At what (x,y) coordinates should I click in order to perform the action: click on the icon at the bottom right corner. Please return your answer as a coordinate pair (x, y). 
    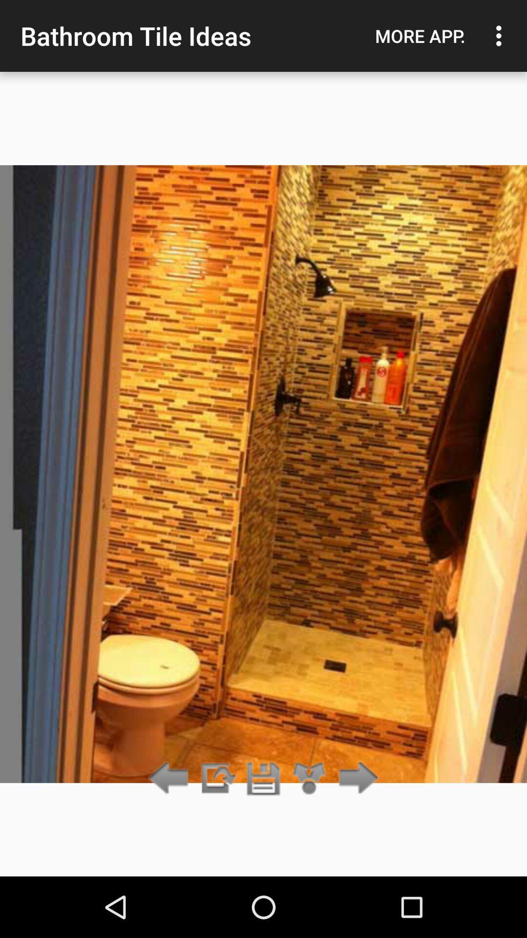
    Looking at the image, I should click on (356, 778).